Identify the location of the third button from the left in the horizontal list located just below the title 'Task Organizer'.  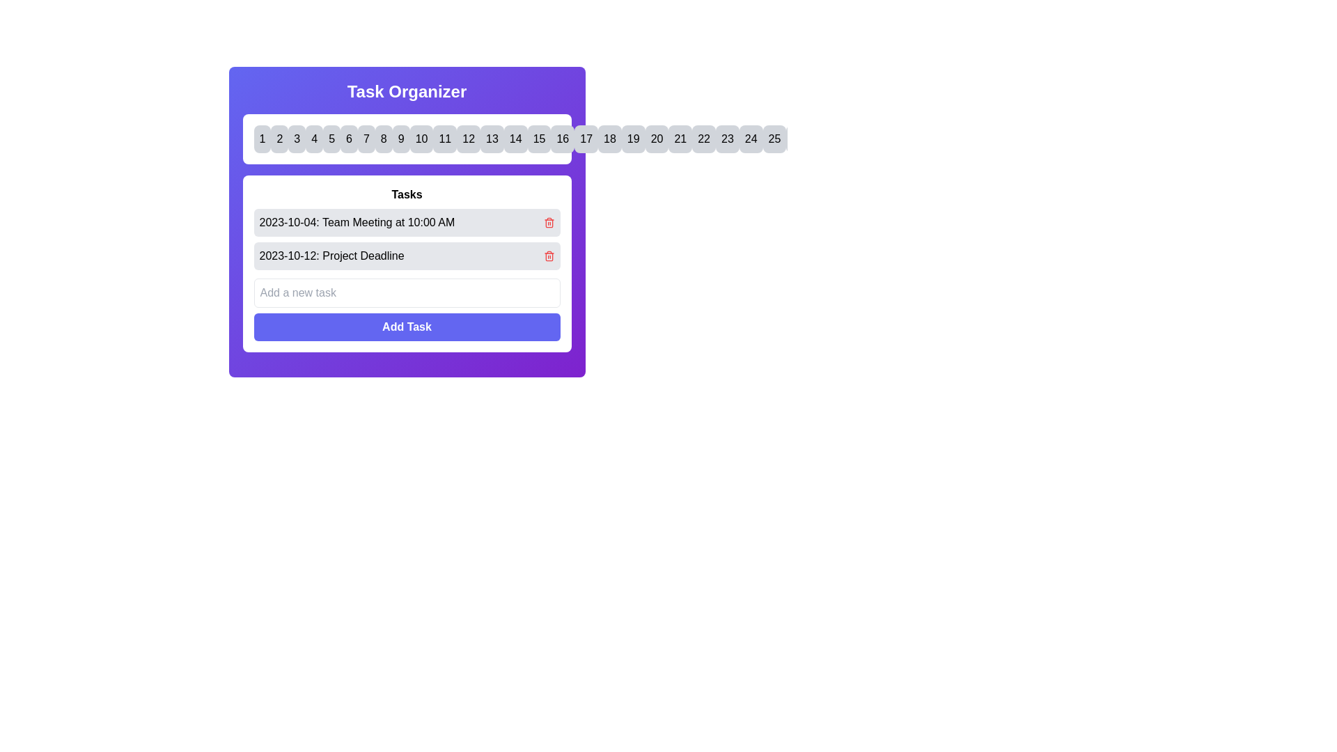
(296, 139).